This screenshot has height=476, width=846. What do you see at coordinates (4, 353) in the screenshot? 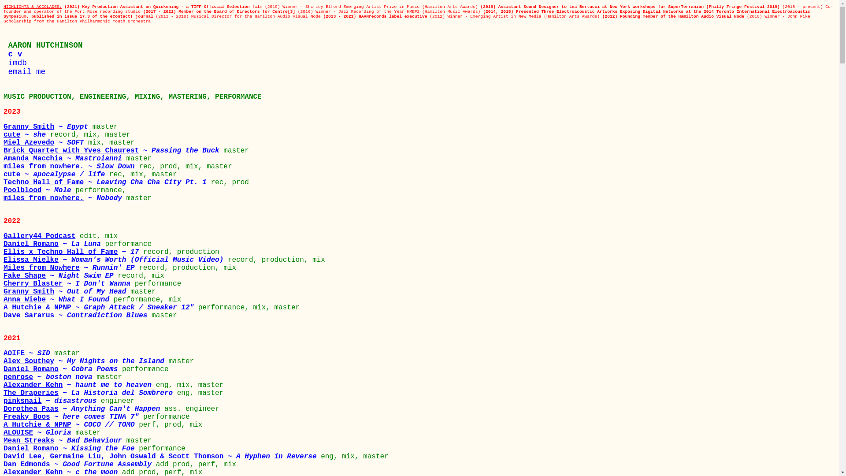
I see `'AOIFE ~ SID'` at bounding box center [4, 353].